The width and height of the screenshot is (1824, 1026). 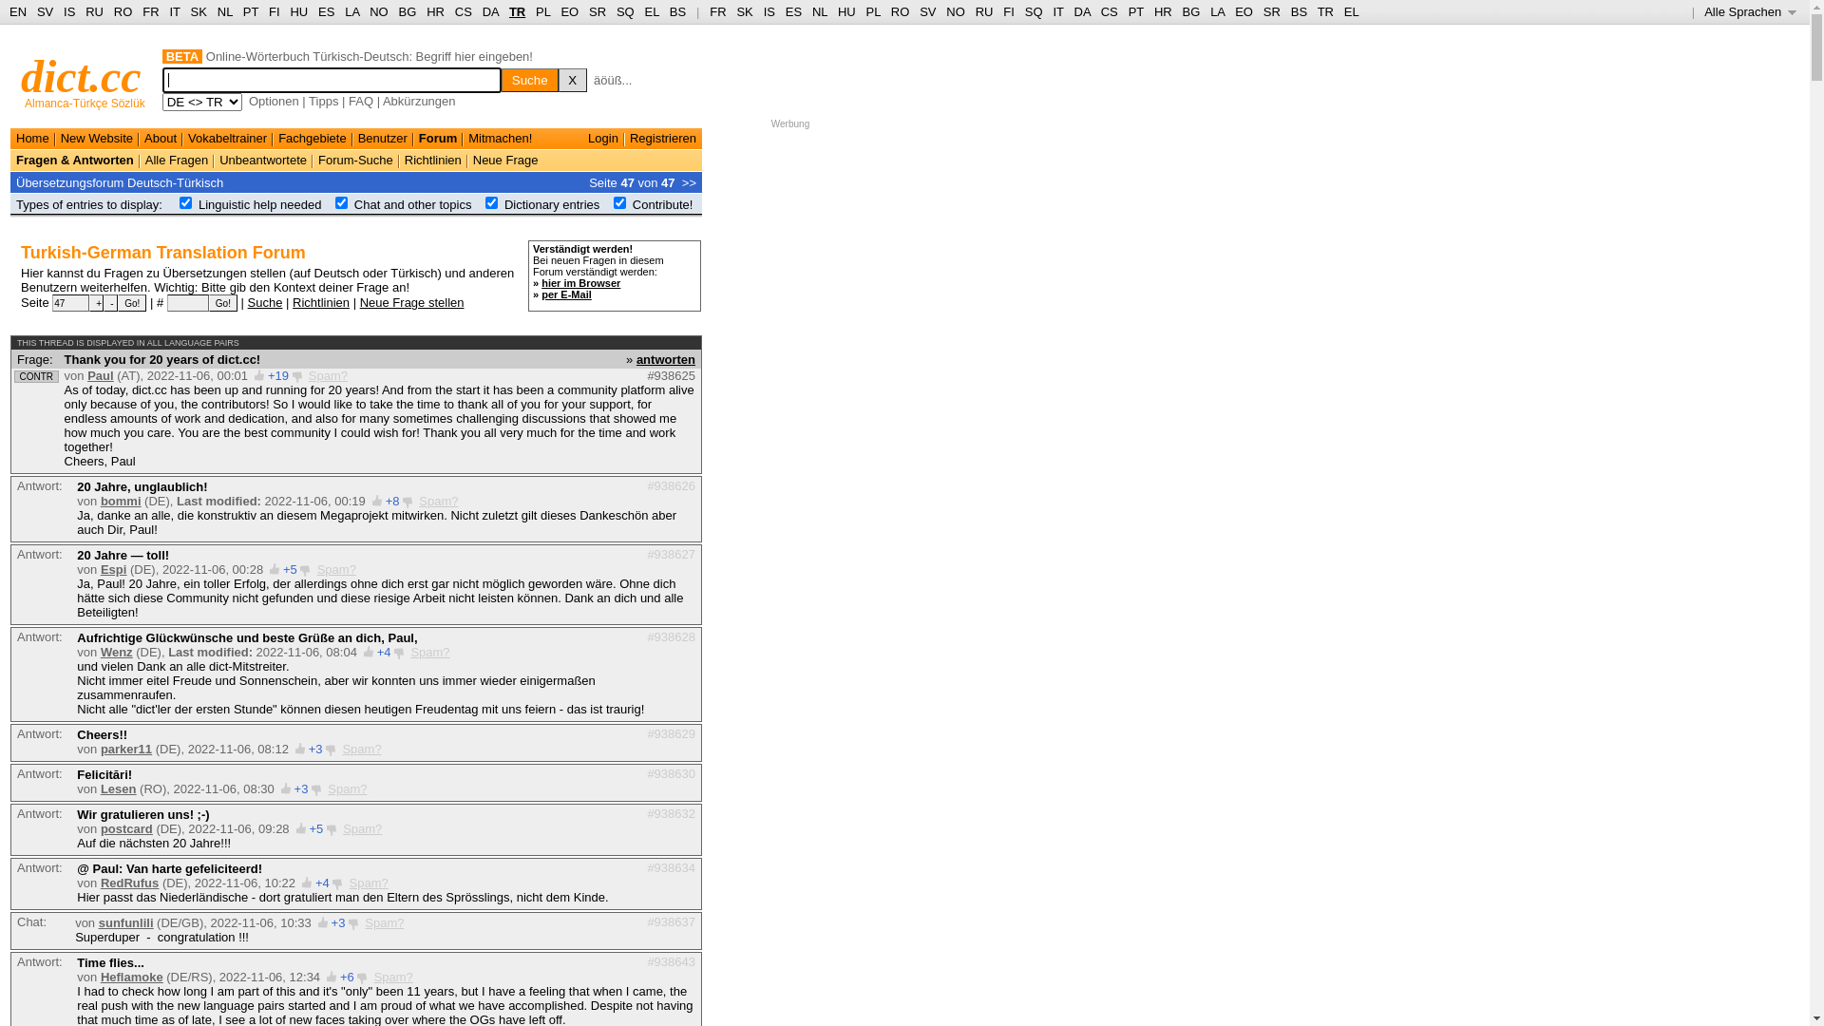 What do you see at coordinates (32, 137) in the screenshot?
I see `'Home'` at bounding box center [32, 137].